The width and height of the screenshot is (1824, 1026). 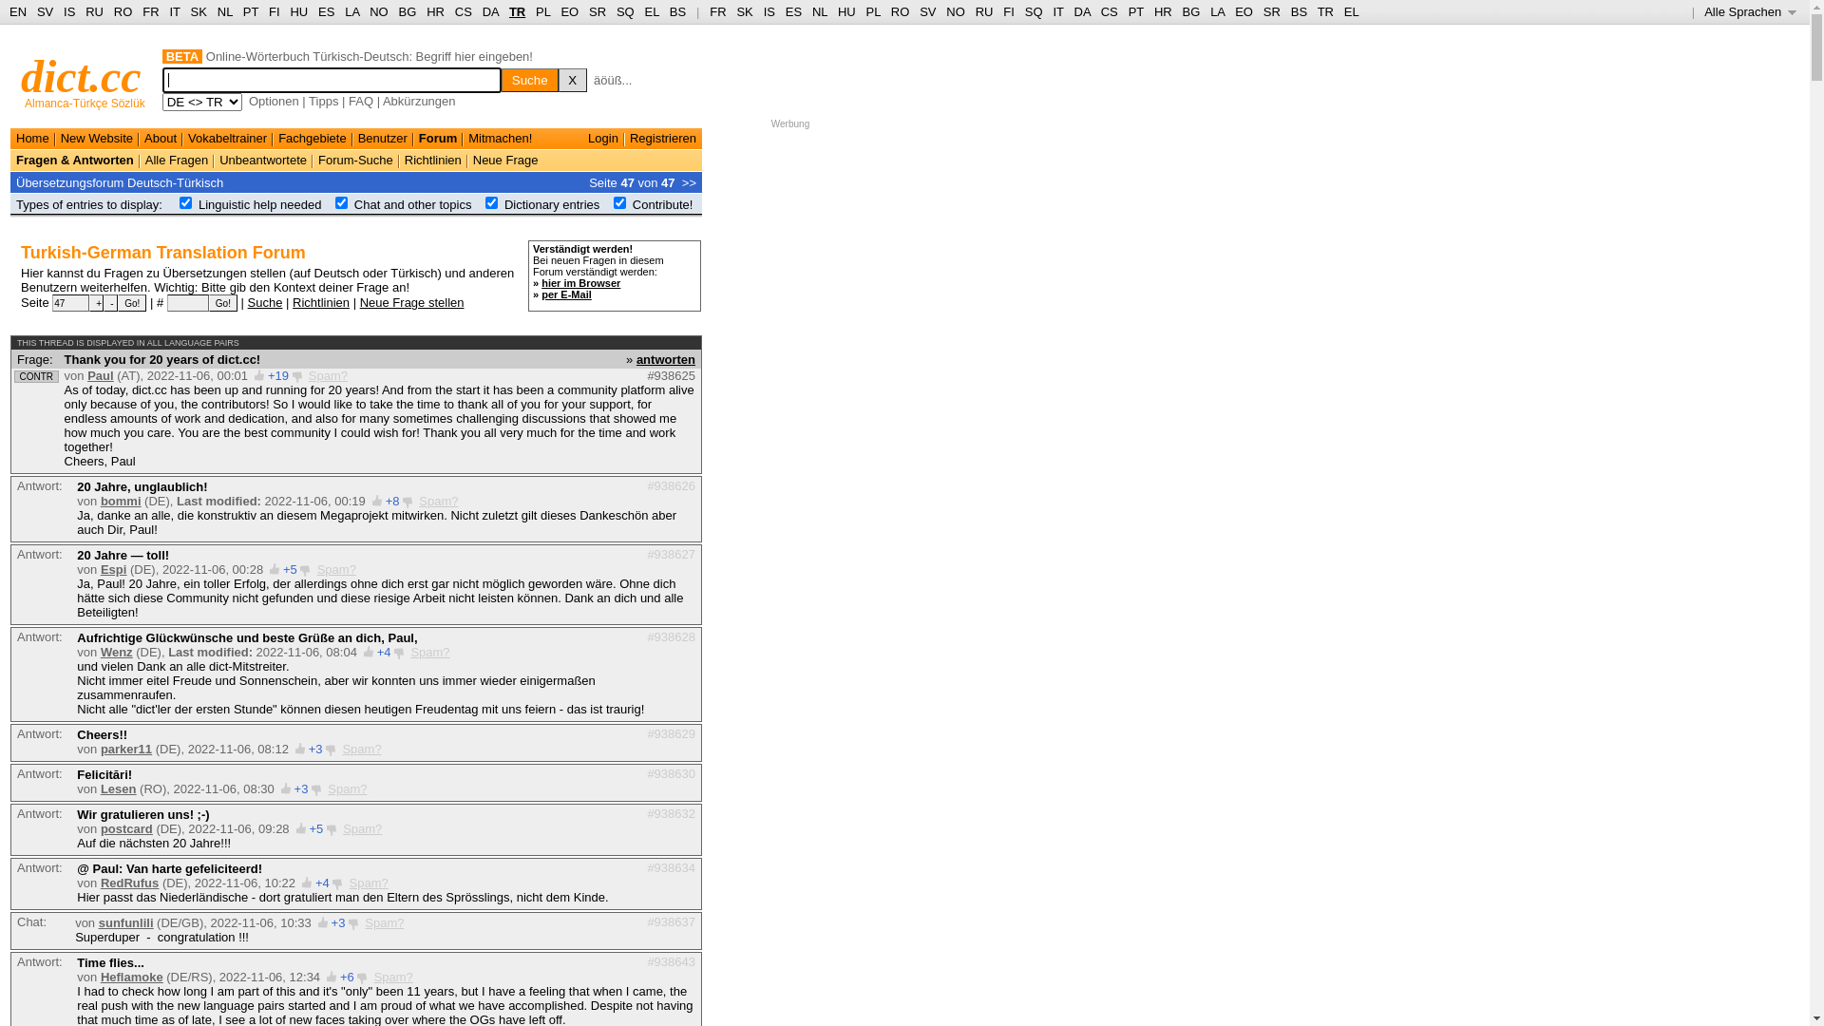 What do you see at coordinates (32, 137) in the screenshot?
I see `'Home'` at bounding box center [32, 137].